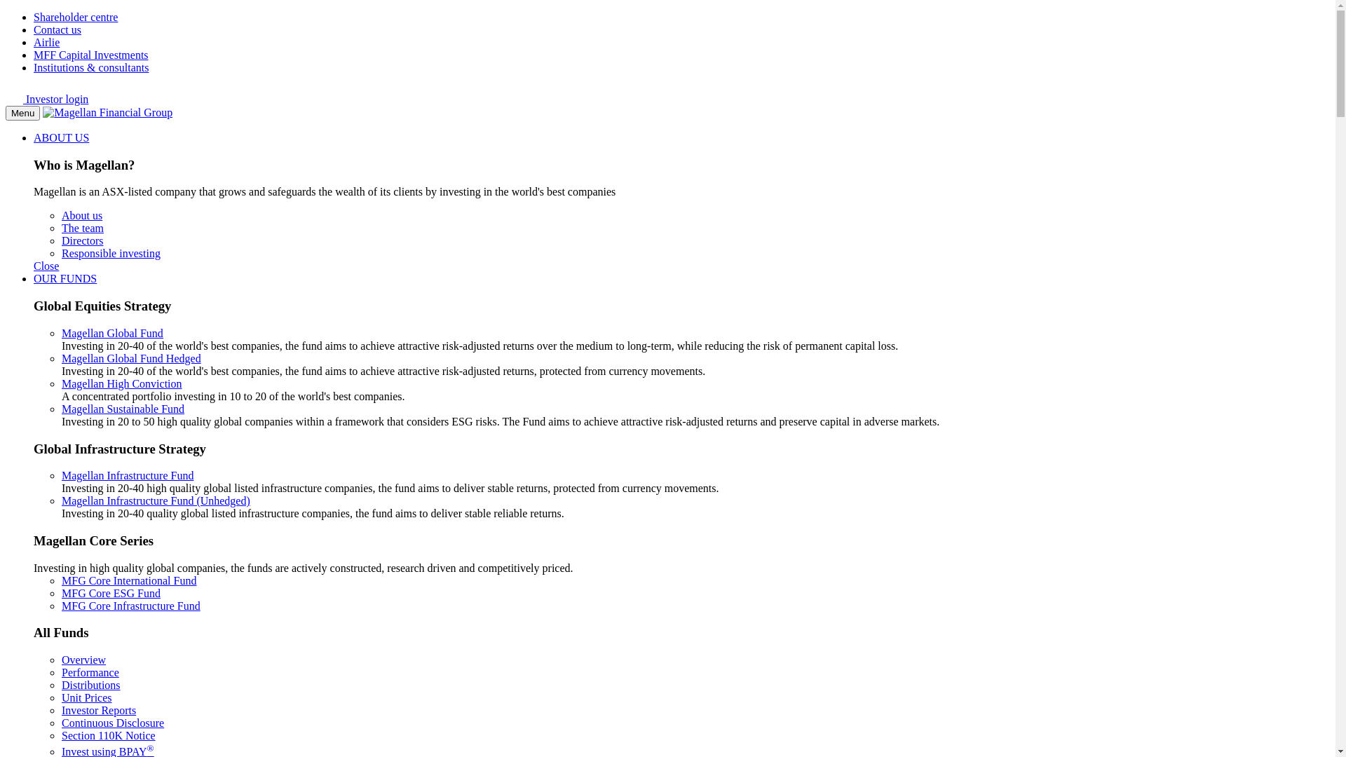 The image size is (1346, 757). I want to click on 'ABOUT US', so click(34, 137).